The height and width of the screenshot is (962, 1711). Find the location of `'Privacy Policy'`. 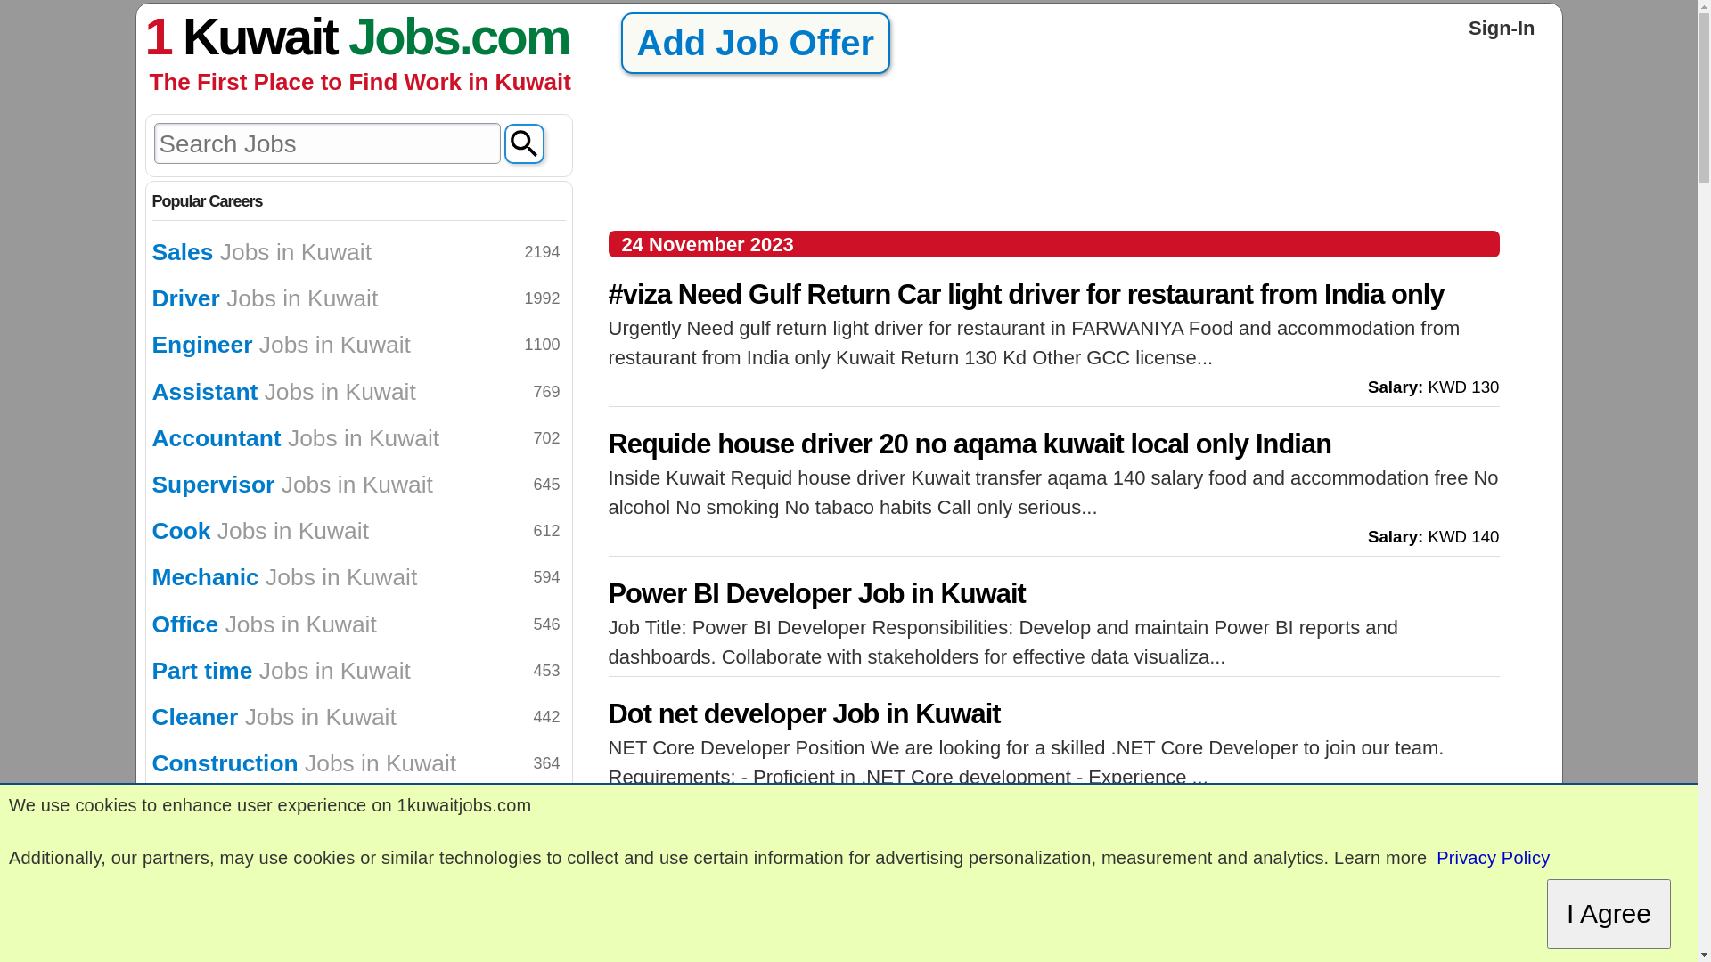

'Privacy Policy' is located at coordinates (1493, 857).